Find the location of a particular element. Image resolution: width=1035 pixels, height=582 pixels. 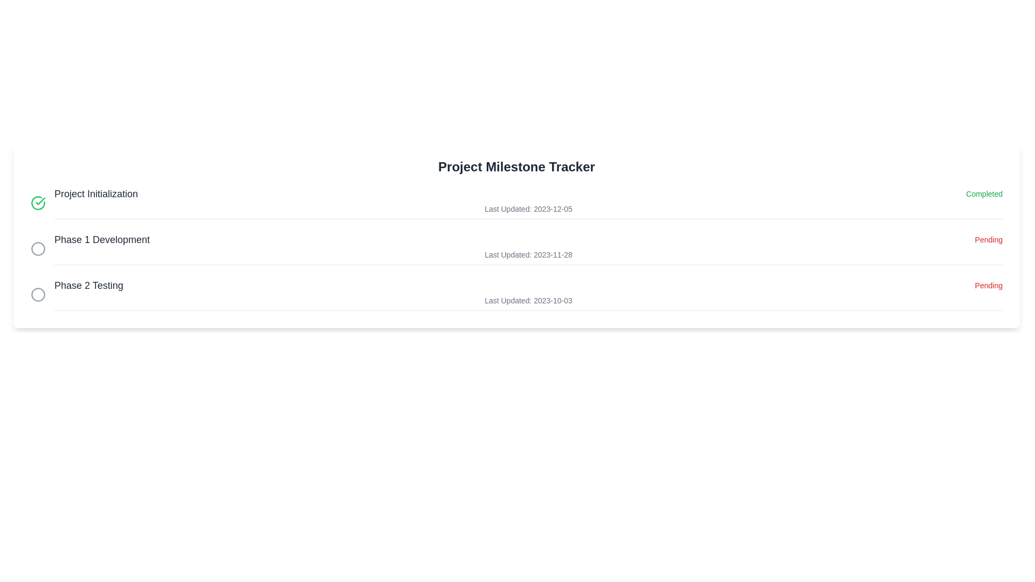

the icon indicating the completion status of the first milestone, 'Project Initialization', which is located beside the milestone label in the vertical list is located at coordinates (38, 203).